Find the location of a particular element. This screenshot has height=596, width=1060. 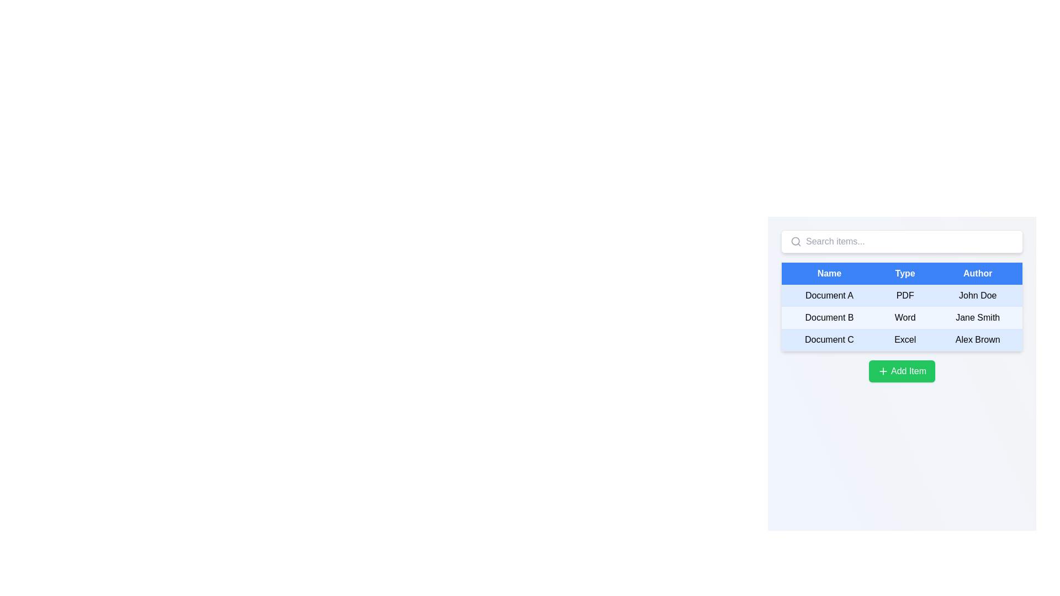

the text label reading 'Excel' located in the second column of the third row of a table, styled with centered alignment and padding, positioned between 'Document C' and 'Alex Brown' is located at coordinates (905, 339).